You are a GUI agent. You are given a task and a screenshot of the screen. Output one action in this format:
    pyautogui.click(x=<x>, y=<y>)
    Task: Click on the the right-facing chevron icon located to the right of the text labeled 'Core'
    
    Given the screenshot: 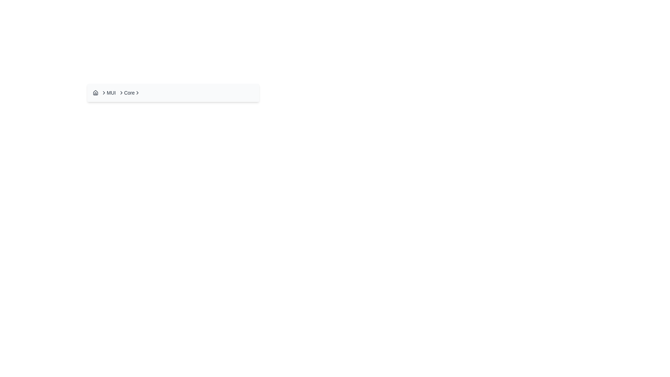 What is the action you would take?
    pyautogui.click(x=137, y=93)
    